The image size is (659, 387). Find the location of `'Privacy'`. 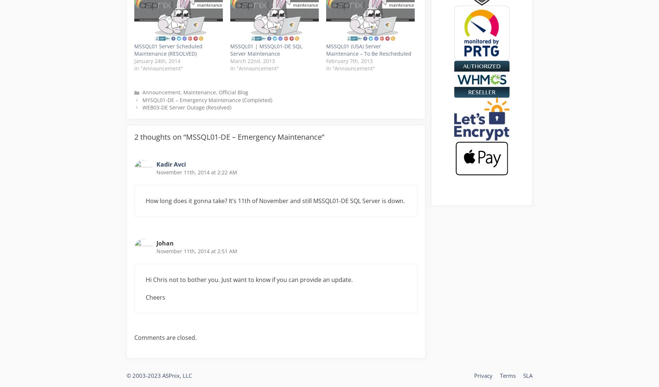

'Privacy' is located at coordinates (474, 375).